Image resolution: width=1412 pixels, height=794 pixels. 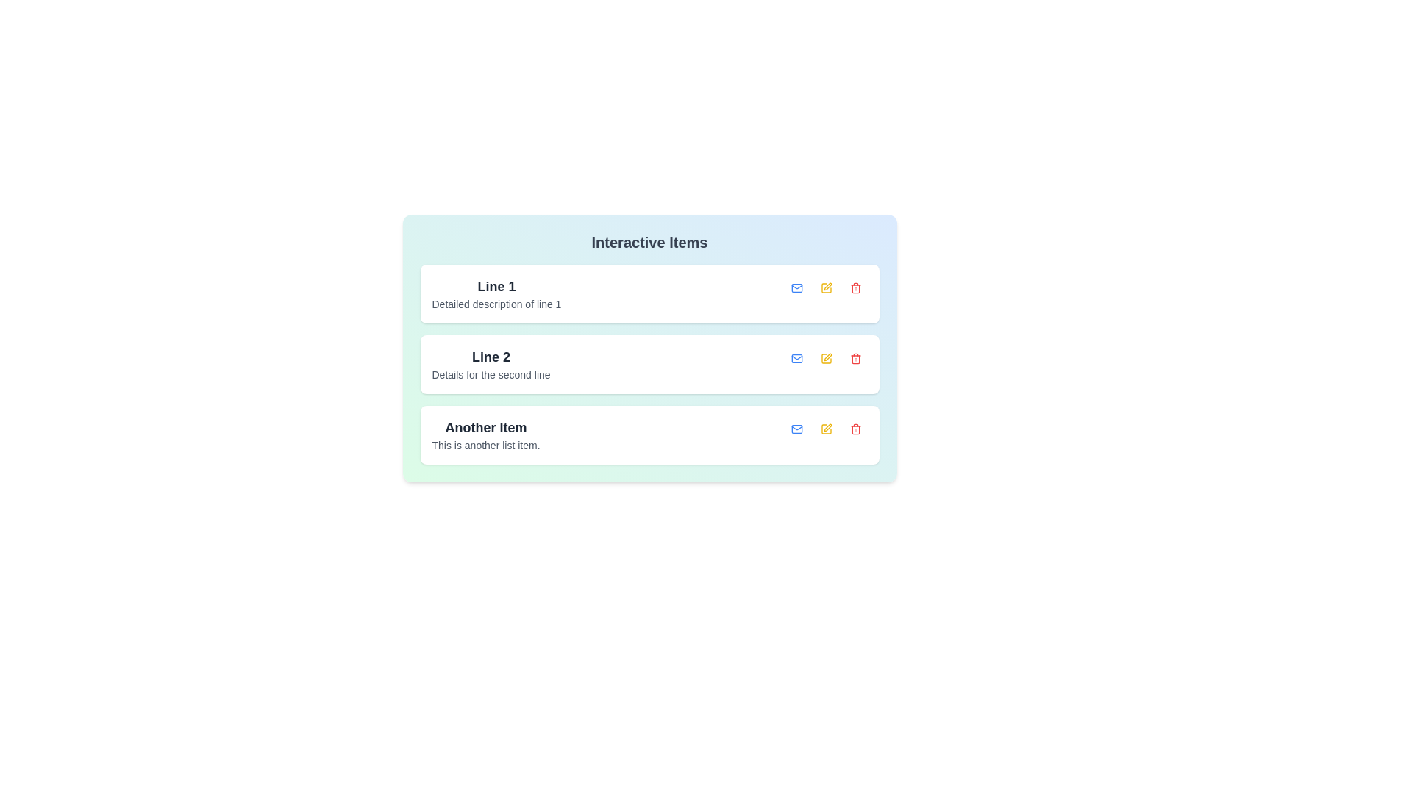 I want to click on delete button for the item with the title Line 2, so click(x=855, y=359).